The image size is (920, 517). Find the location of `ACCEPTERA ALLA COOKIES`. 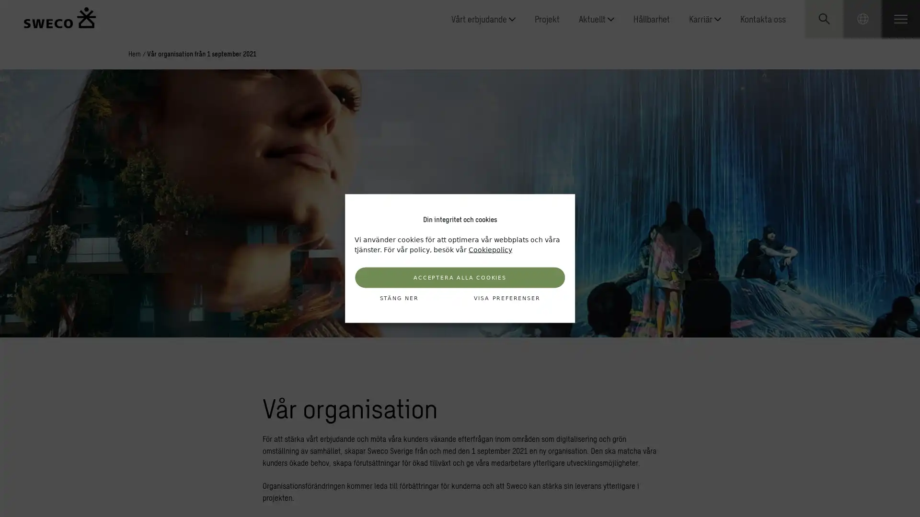

ACCEPTERA ALLA COOKIES is located at coordinates (459, 277).